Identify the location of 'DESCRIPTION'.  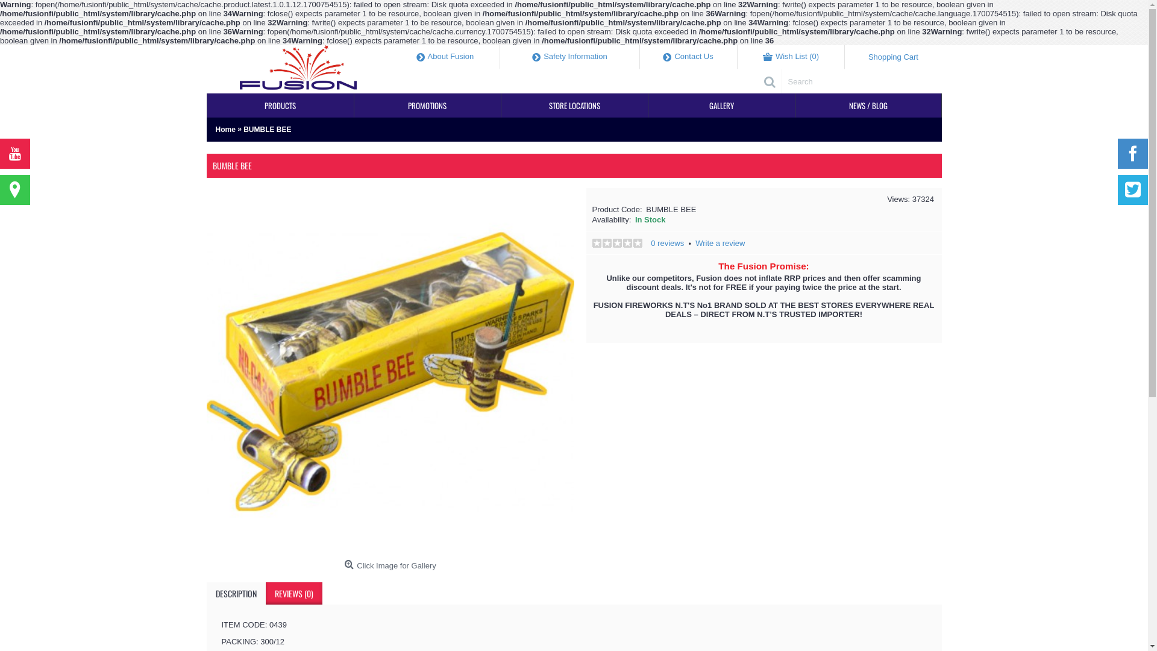
(235, 593).